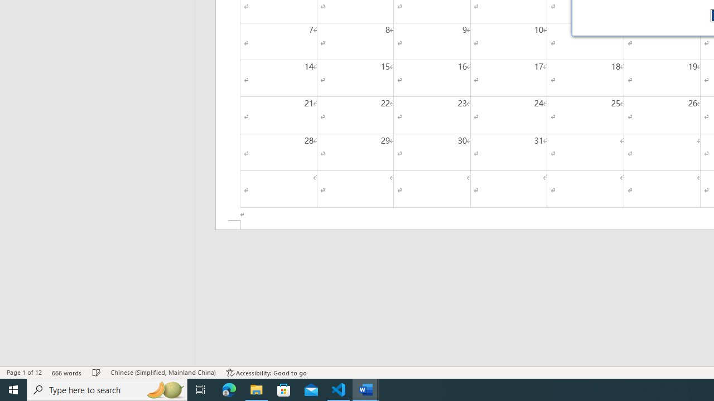  What do you see at coordinates (266, 373) in the screenshot?
I see `'Accessibility Checker Accessibility: Good to go'` at bounding box center [266, 373].